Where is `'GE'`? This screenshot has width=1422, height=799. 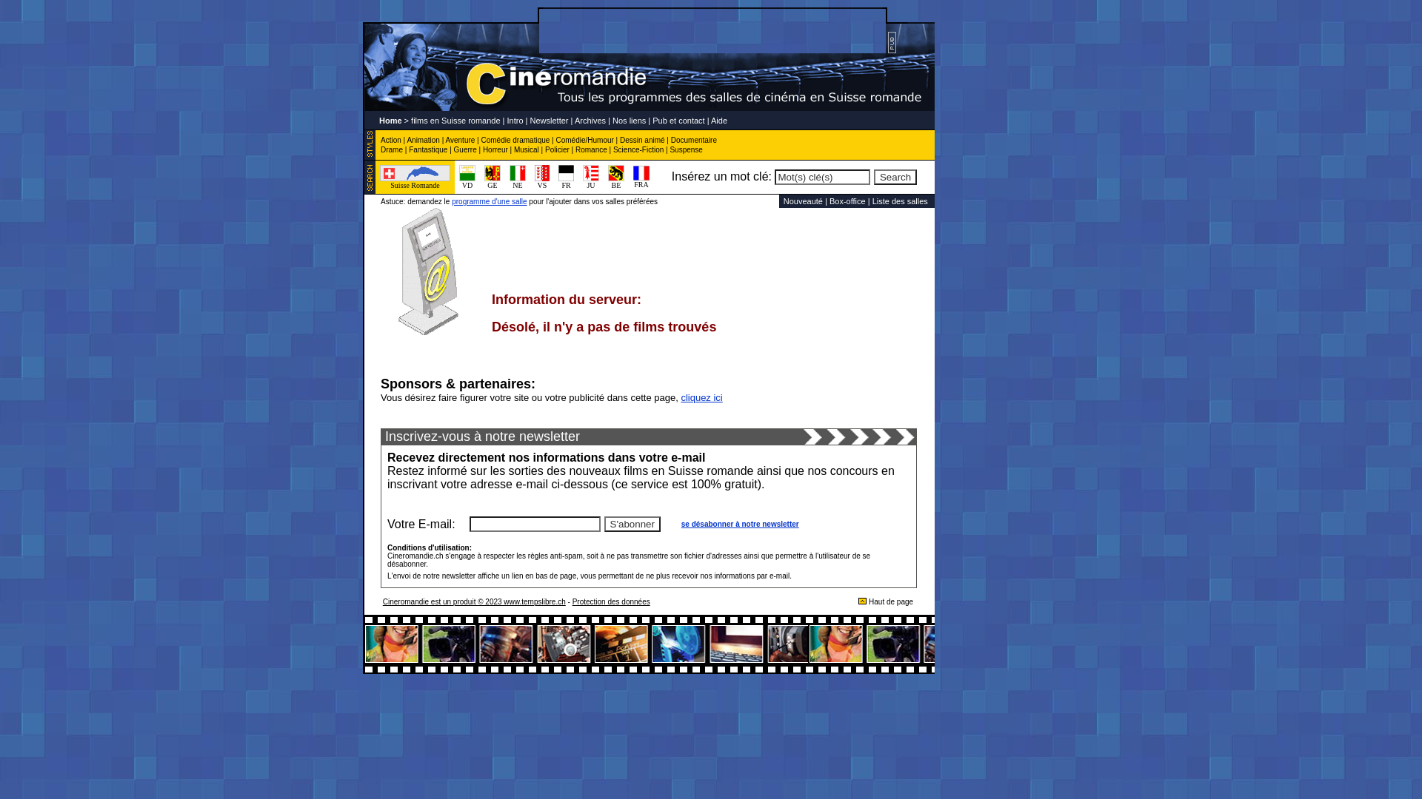 'GE' is located at coordinates (484, 181).